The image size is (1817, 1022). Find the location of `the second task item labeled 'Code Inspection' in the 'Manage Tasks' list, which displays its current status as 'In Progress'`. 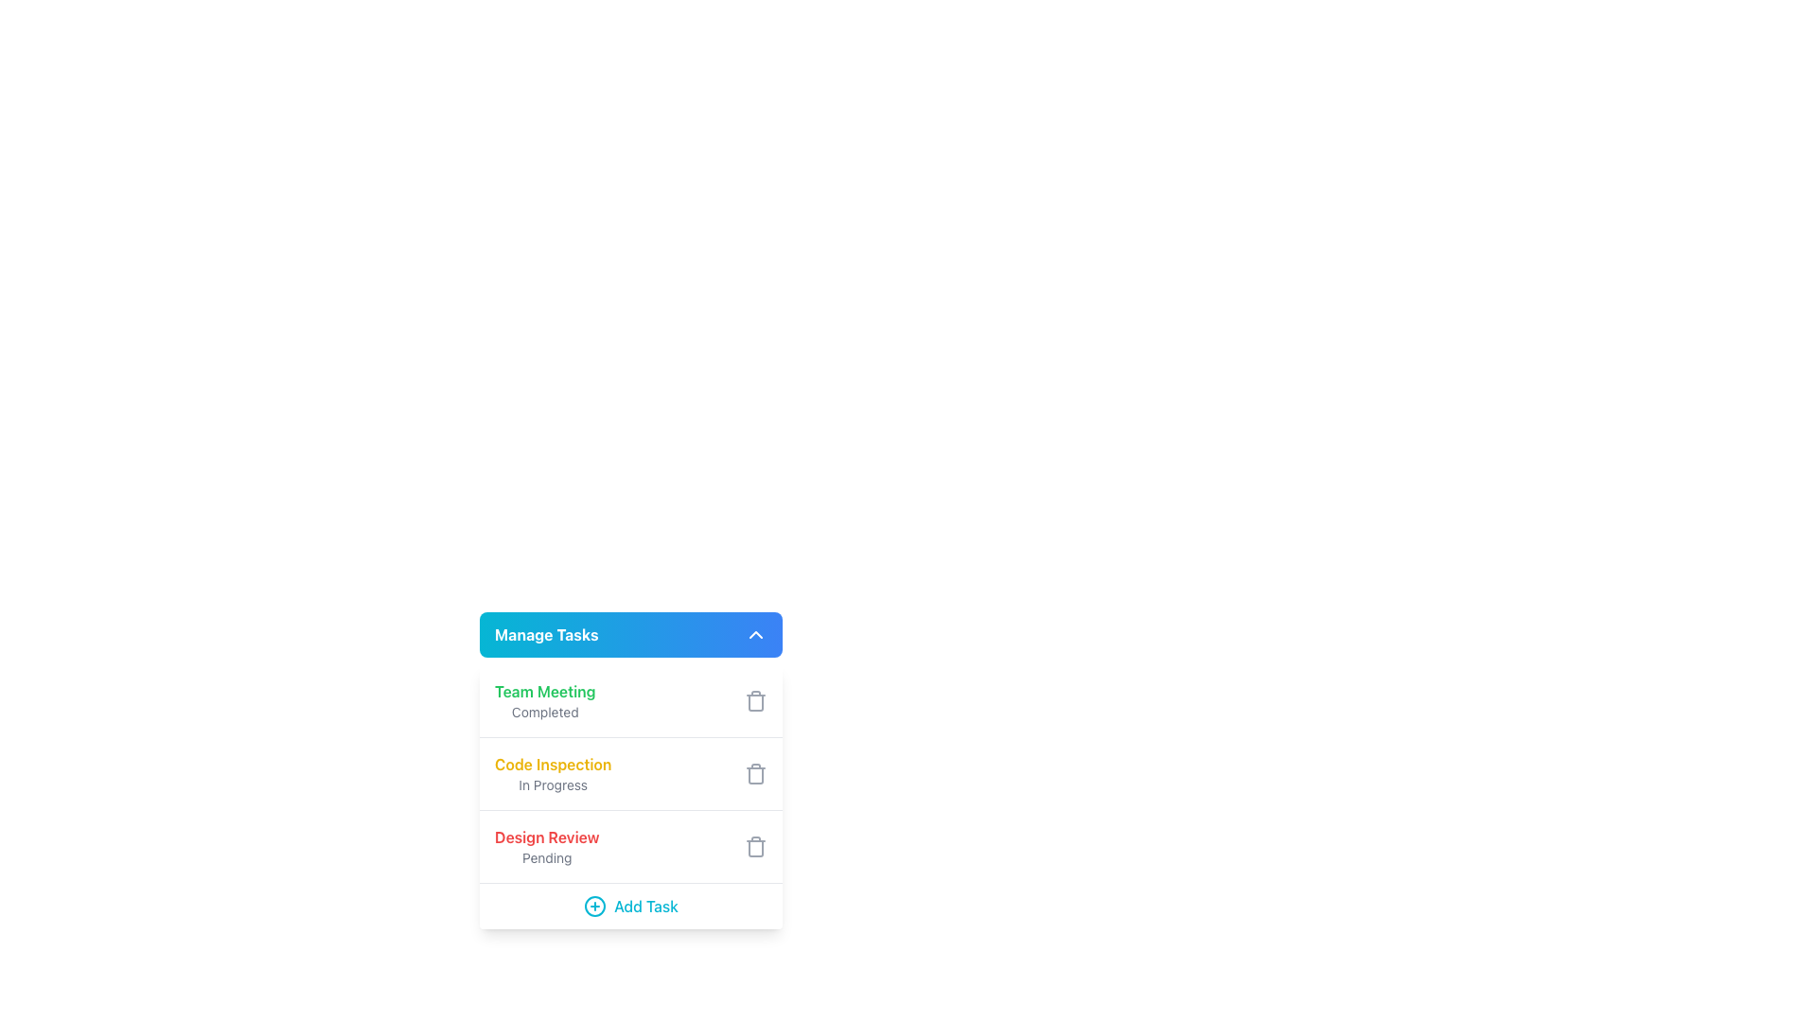

the second task item labeled 'Code Inspection' in the 'Manage Tasks' list, which displays its current status as 'In Progress' is located at coordinates (631, 797).